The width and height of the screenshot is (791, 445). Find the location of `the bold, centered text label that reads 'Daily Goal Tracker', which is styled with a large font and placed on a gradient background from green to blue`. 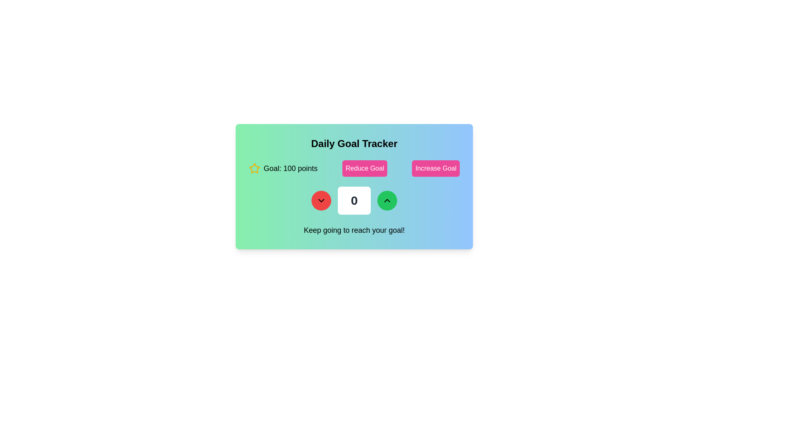

the bold, centered text label that reads 'Daily Goal Tracker', which is styled with a large font and placed on a gradient background from green to blue is located at coordinates (354, 143).